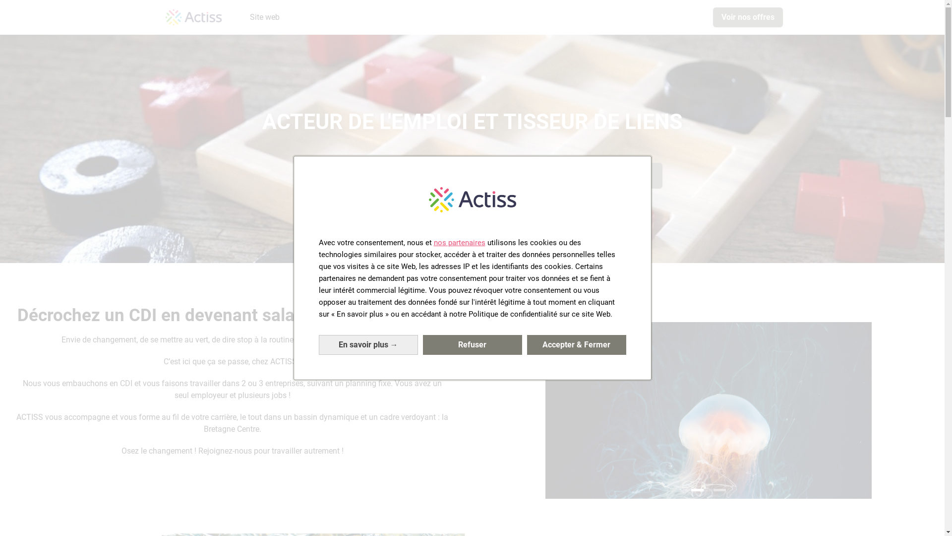 This screenshot has width=952, height=536. What do you see at coordinates (245, 17) in the screenshot?
I see `'Site web'` at bounding box center [245, 17].